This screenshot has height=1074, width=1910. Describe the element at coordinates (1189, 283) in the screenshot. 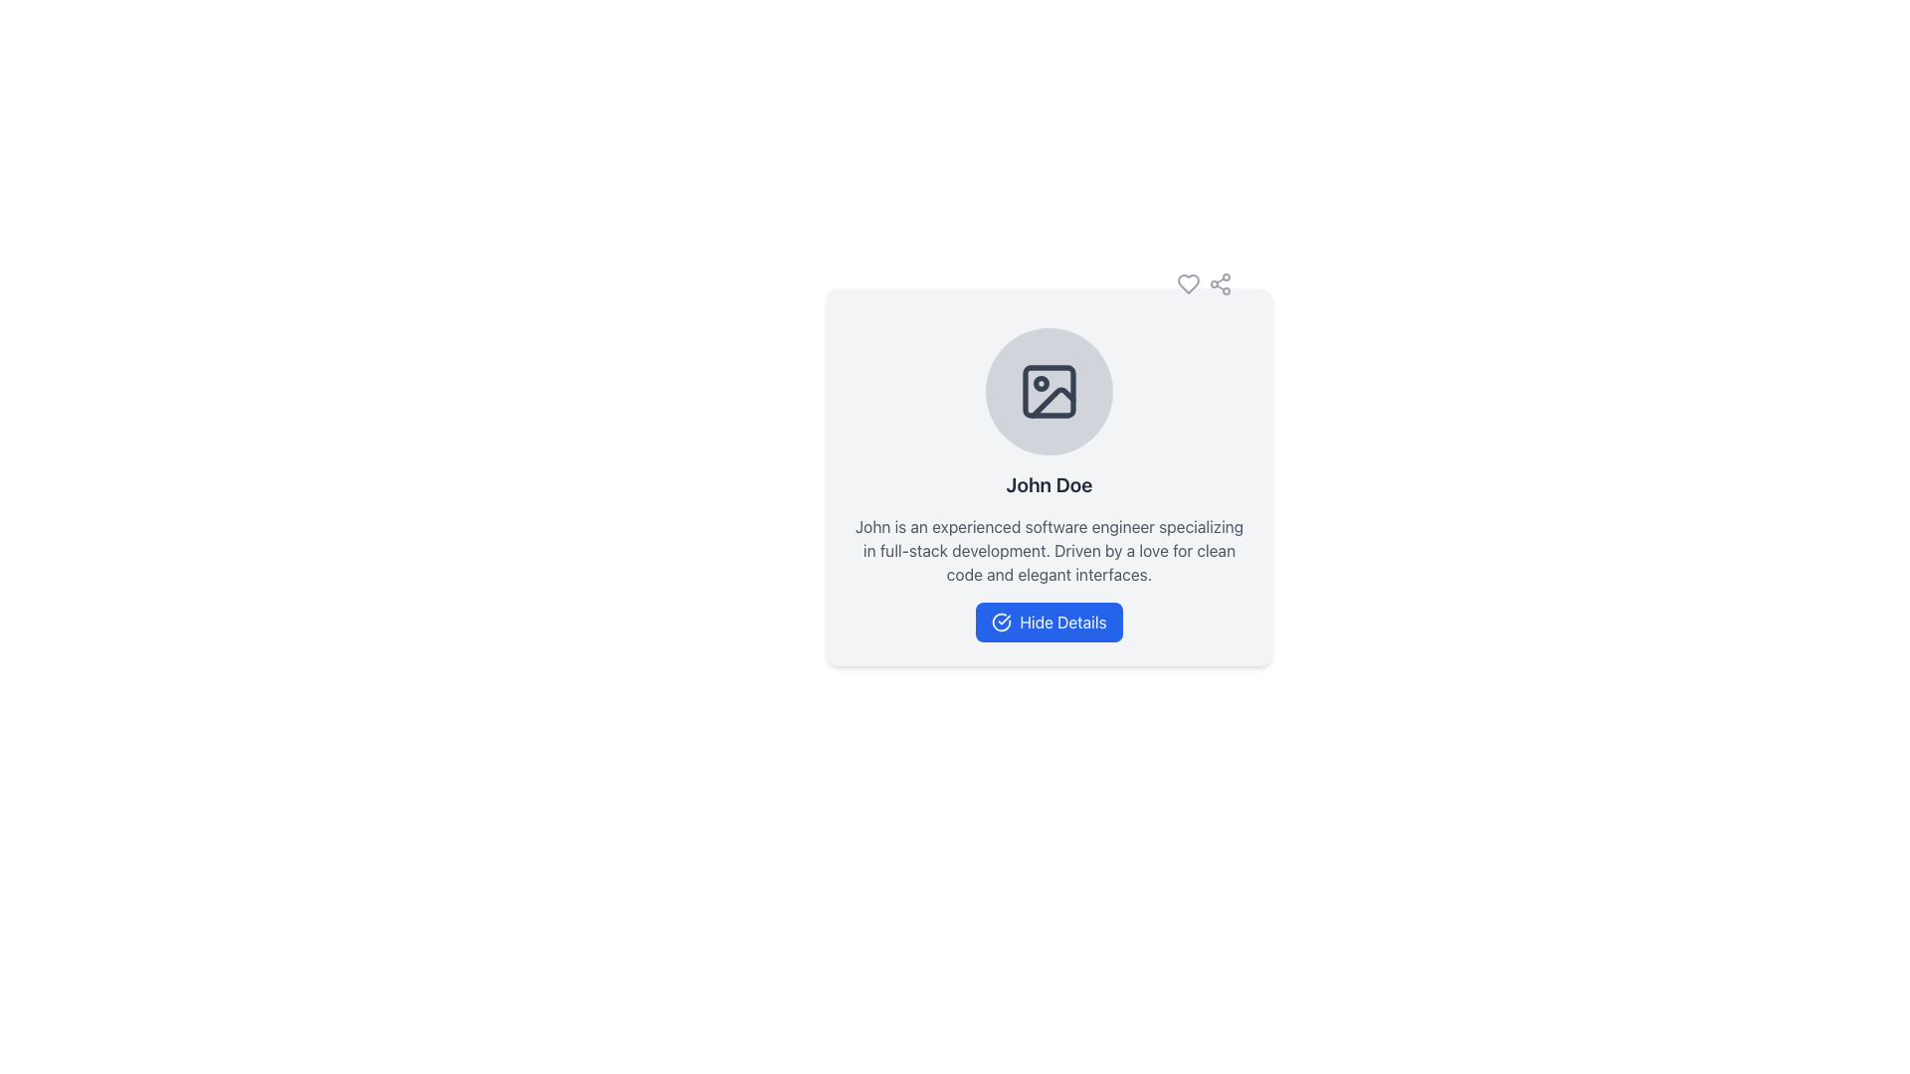

I see `the heart-shaped interactive icon in the top right corner of the user profile card to indicate 'like' or 'favorite'` at that location.